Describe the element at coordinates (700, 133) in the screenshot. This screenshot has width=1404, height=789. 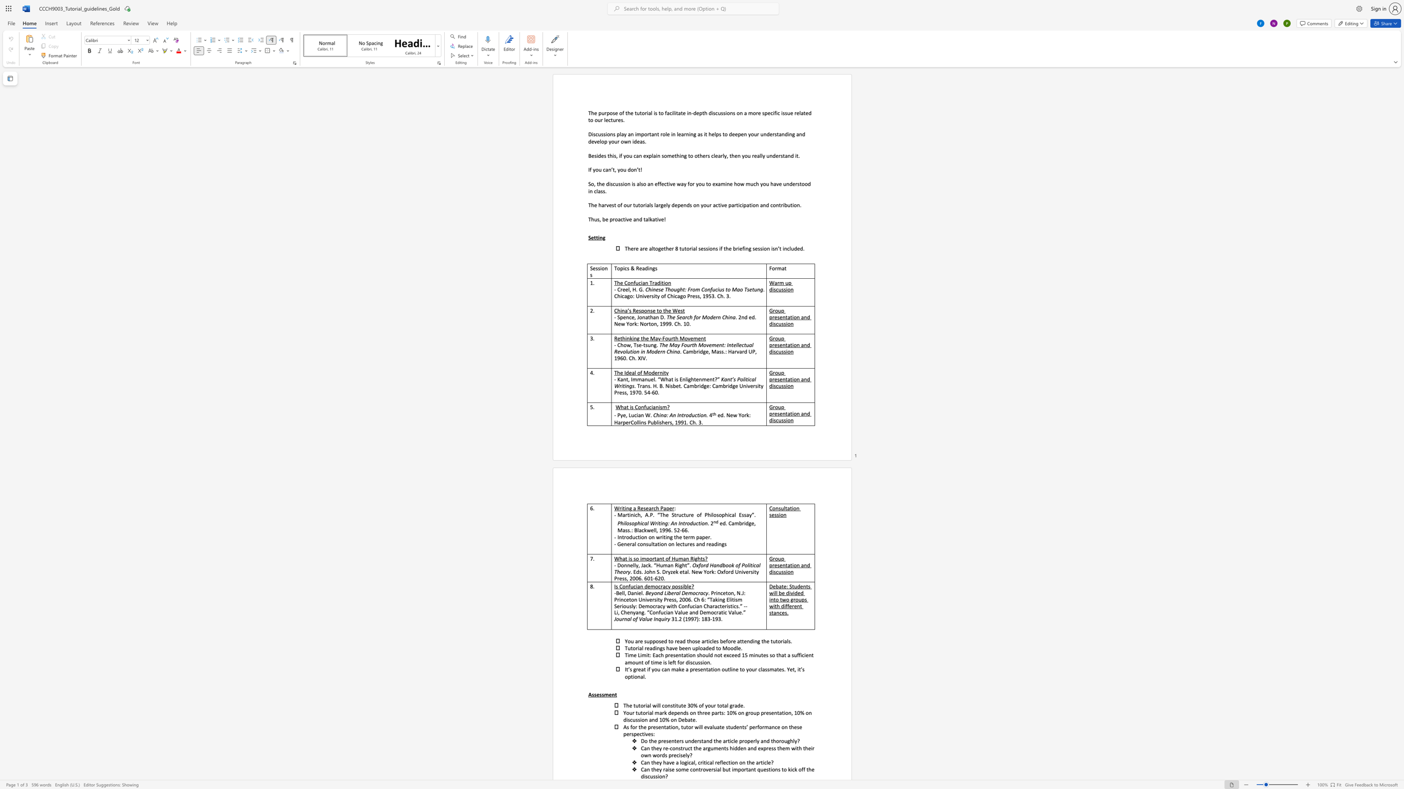
I see `the 5th character "s" in the text` at that location.